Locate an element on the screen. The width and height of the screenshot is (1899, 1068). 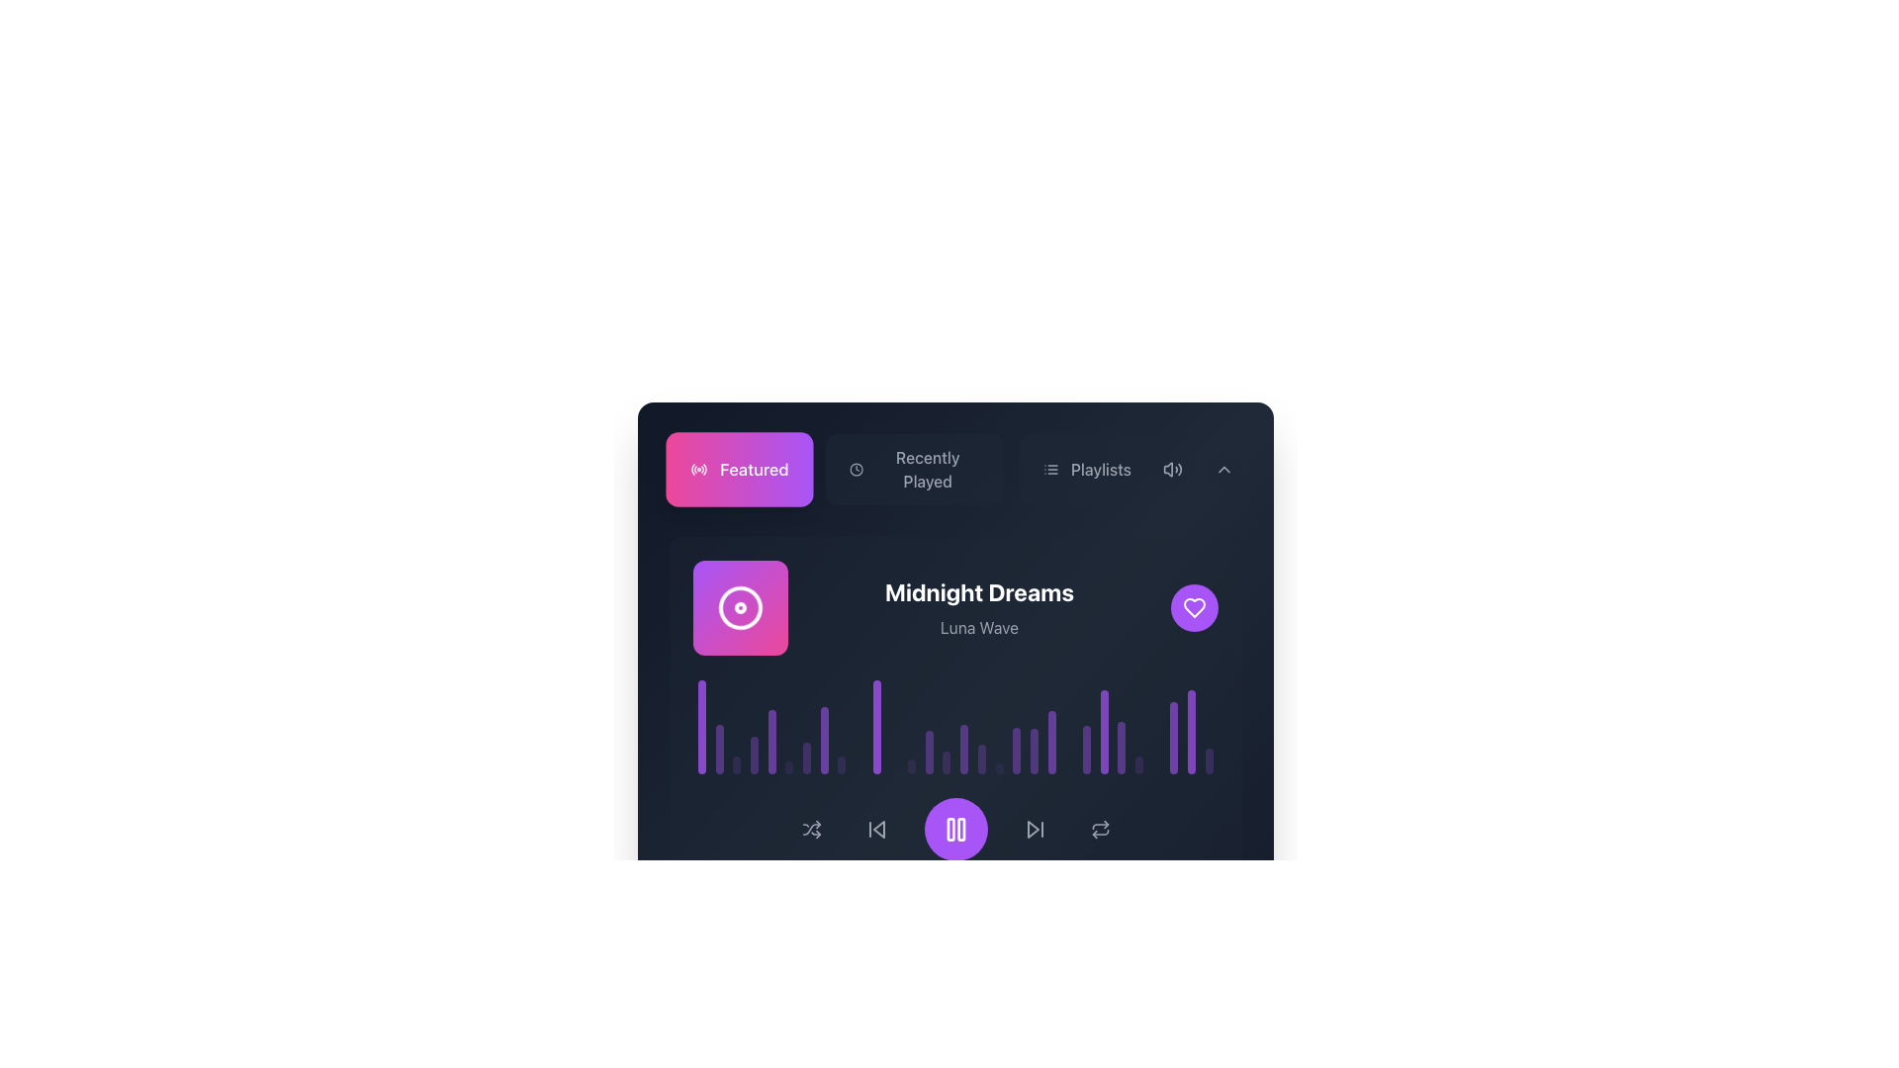
the twelfth visualizer bar in the 'Midnight Dreams' card section, which indicates audio or playback activity and is located above the play button is located at coordinates (911, 765).